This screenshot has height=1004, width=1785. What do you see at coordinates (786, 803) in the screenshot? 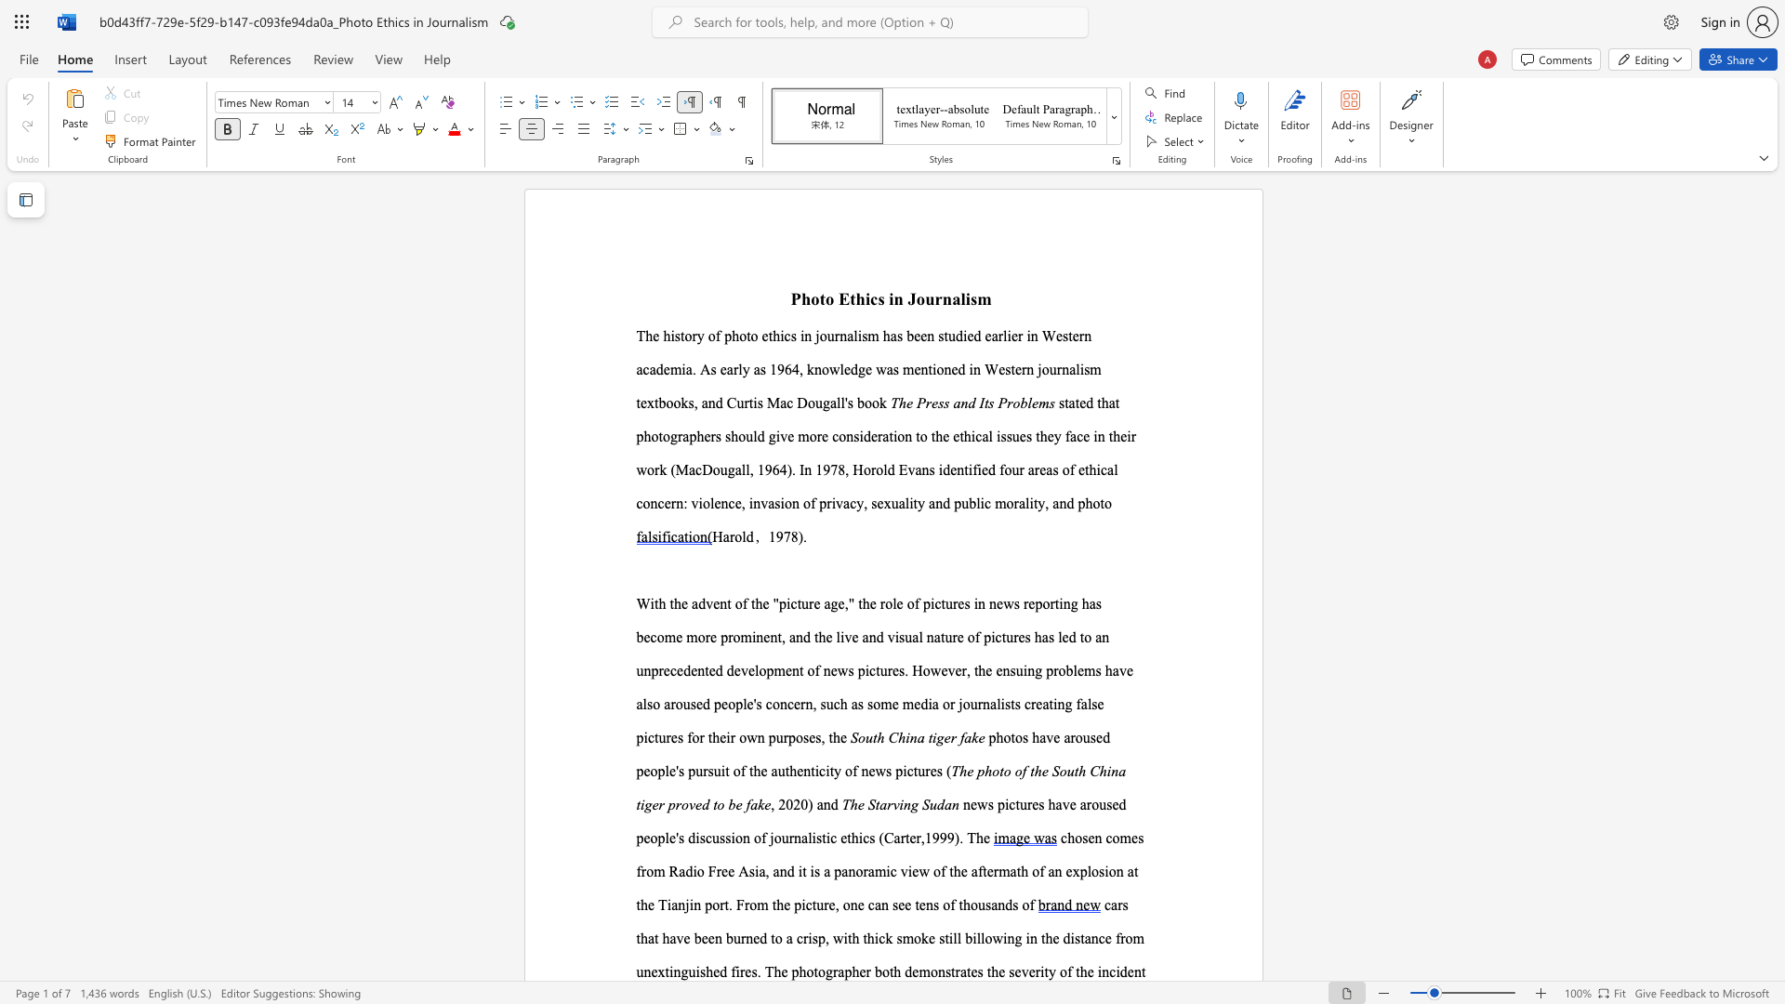
I see `the subset text "020) an" within the text ", 2020) and"` at bounding box center [786, 803].